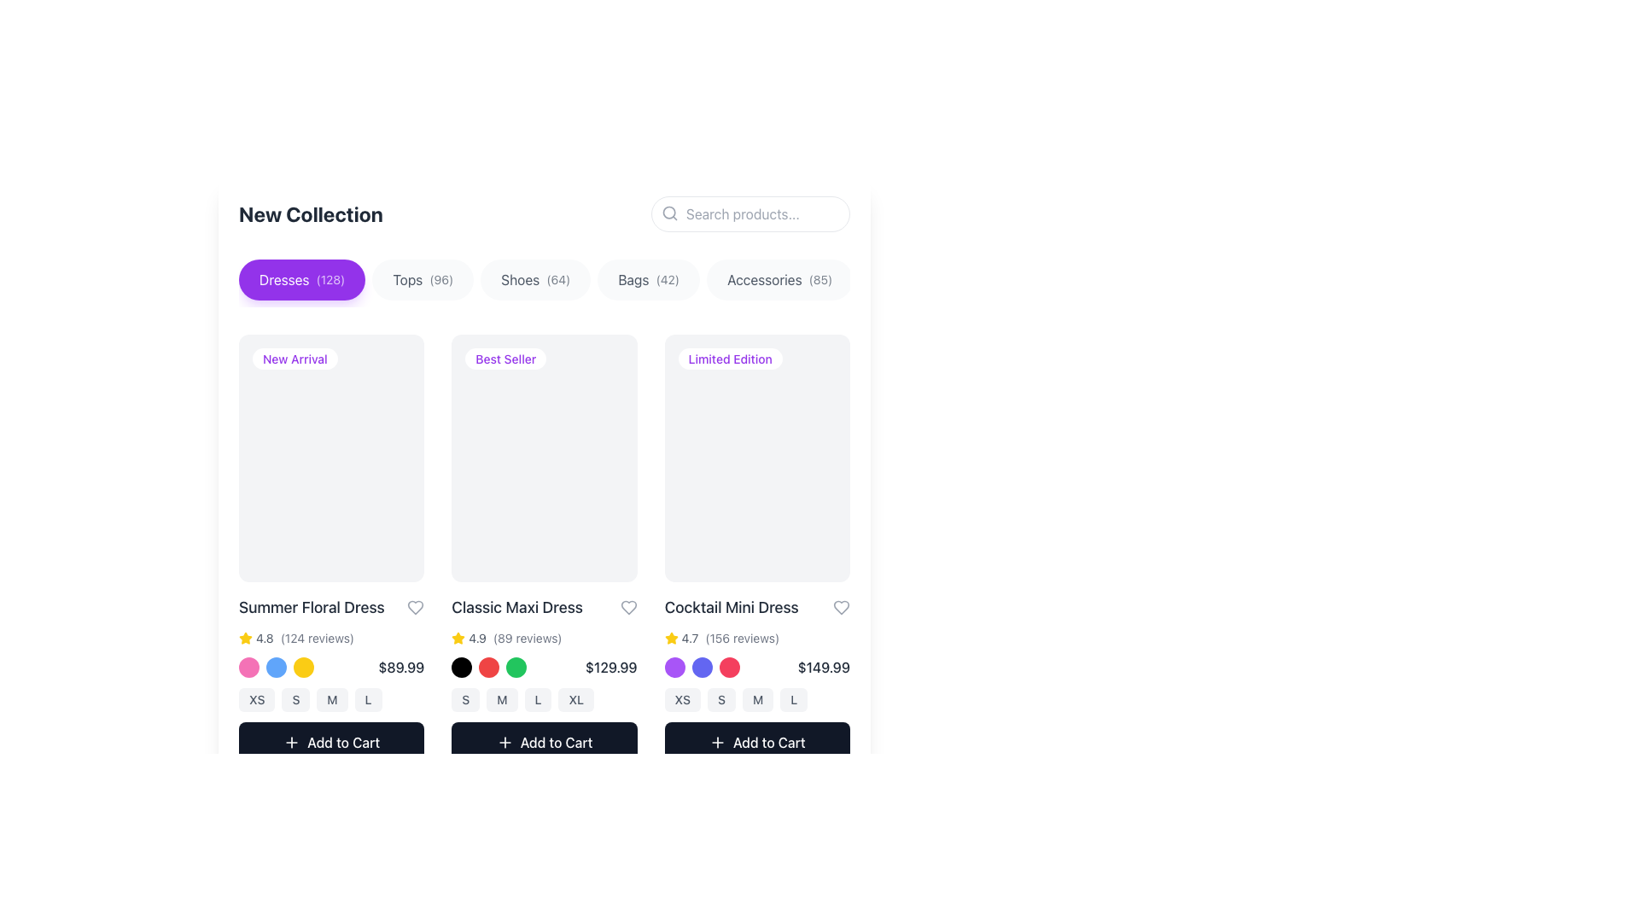  Describe the element at coordinates (504, 741) in the screenshot. I see `the additive action icon located at the bottom of the 'Classic Maxi Dress' card` at that location.